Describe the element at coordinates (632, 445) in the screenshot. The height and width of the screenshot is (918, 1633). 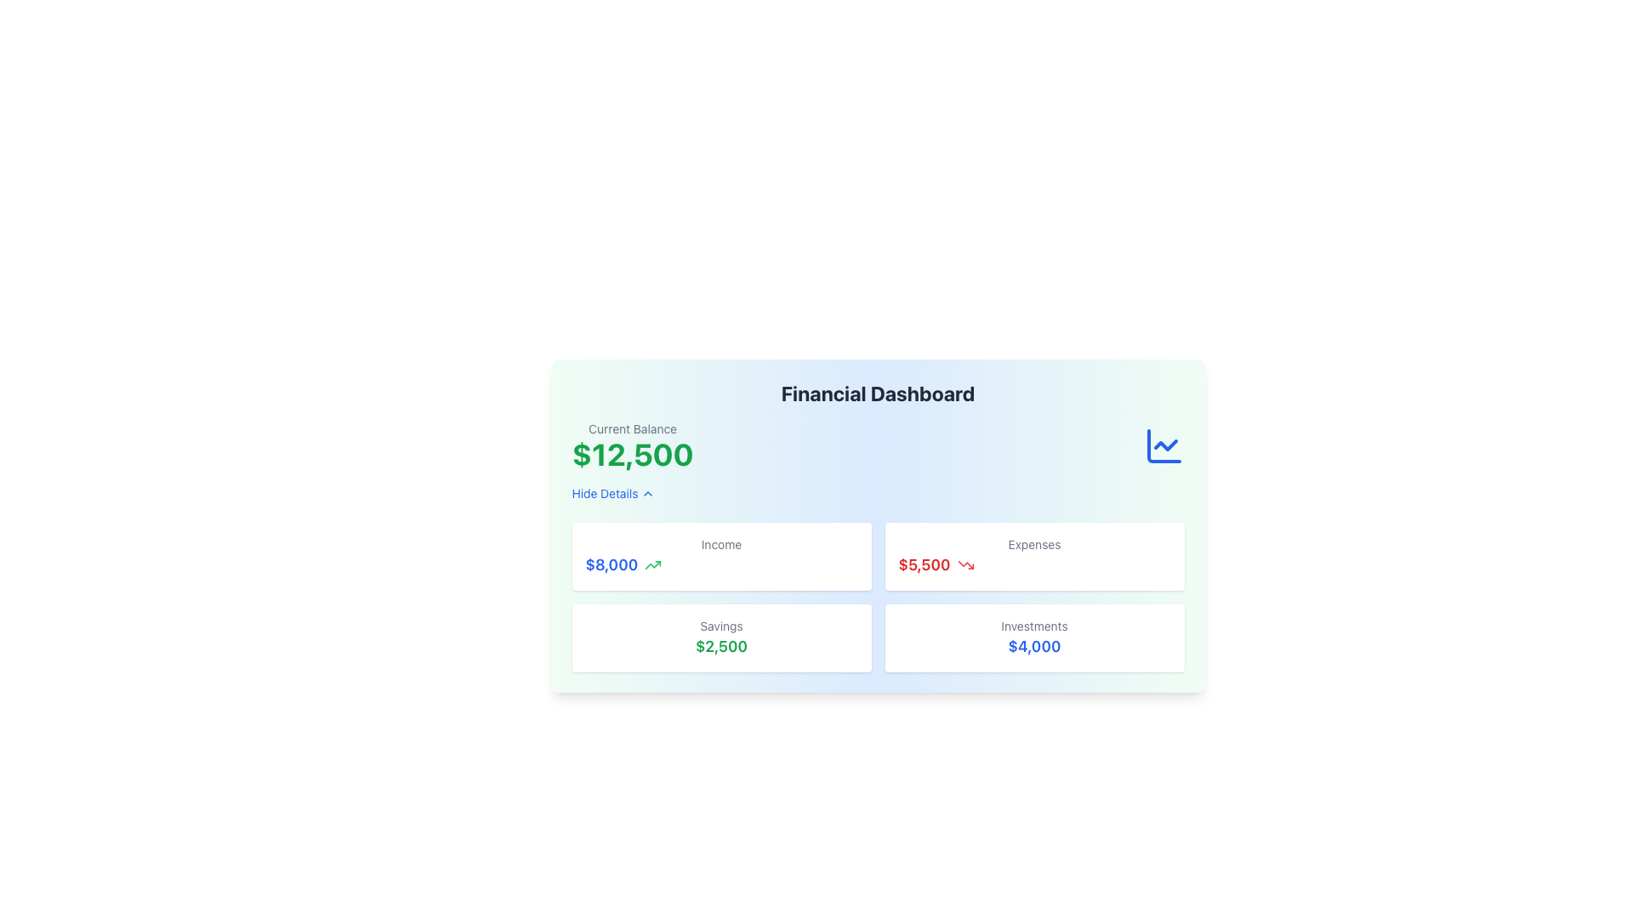
I see `the 'Current Balance' text display, which shows 'Current Balance' in a small gray font and '$12,500' in a larger, bold green font, located in the top-left section of the UI` at that location.